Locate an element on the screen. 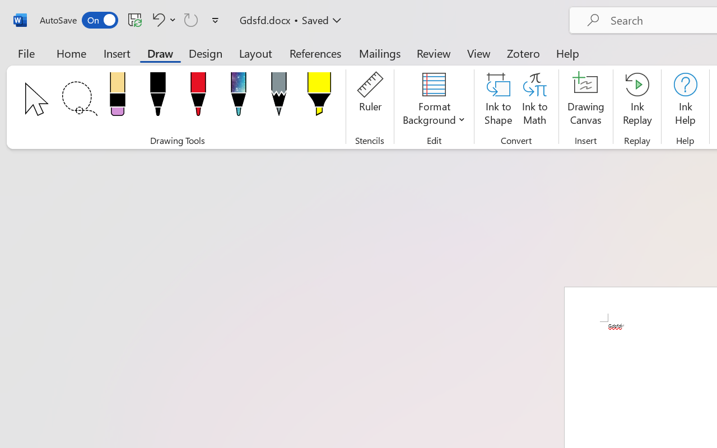 This screenshot has width=717, height=448. 'Drawing Canvas' is located at coordinates (585, 100).